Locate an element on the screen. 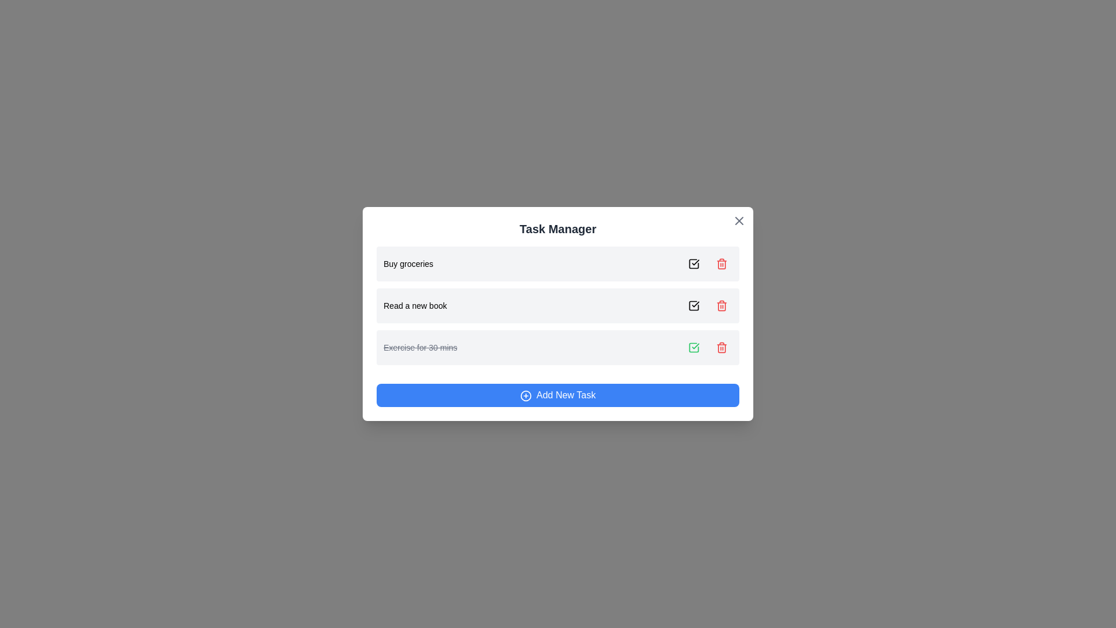  the diagonal segment of the 'X' close icon located at the top-right corner of the Task Manager modal is located at coordinates (739, 221).